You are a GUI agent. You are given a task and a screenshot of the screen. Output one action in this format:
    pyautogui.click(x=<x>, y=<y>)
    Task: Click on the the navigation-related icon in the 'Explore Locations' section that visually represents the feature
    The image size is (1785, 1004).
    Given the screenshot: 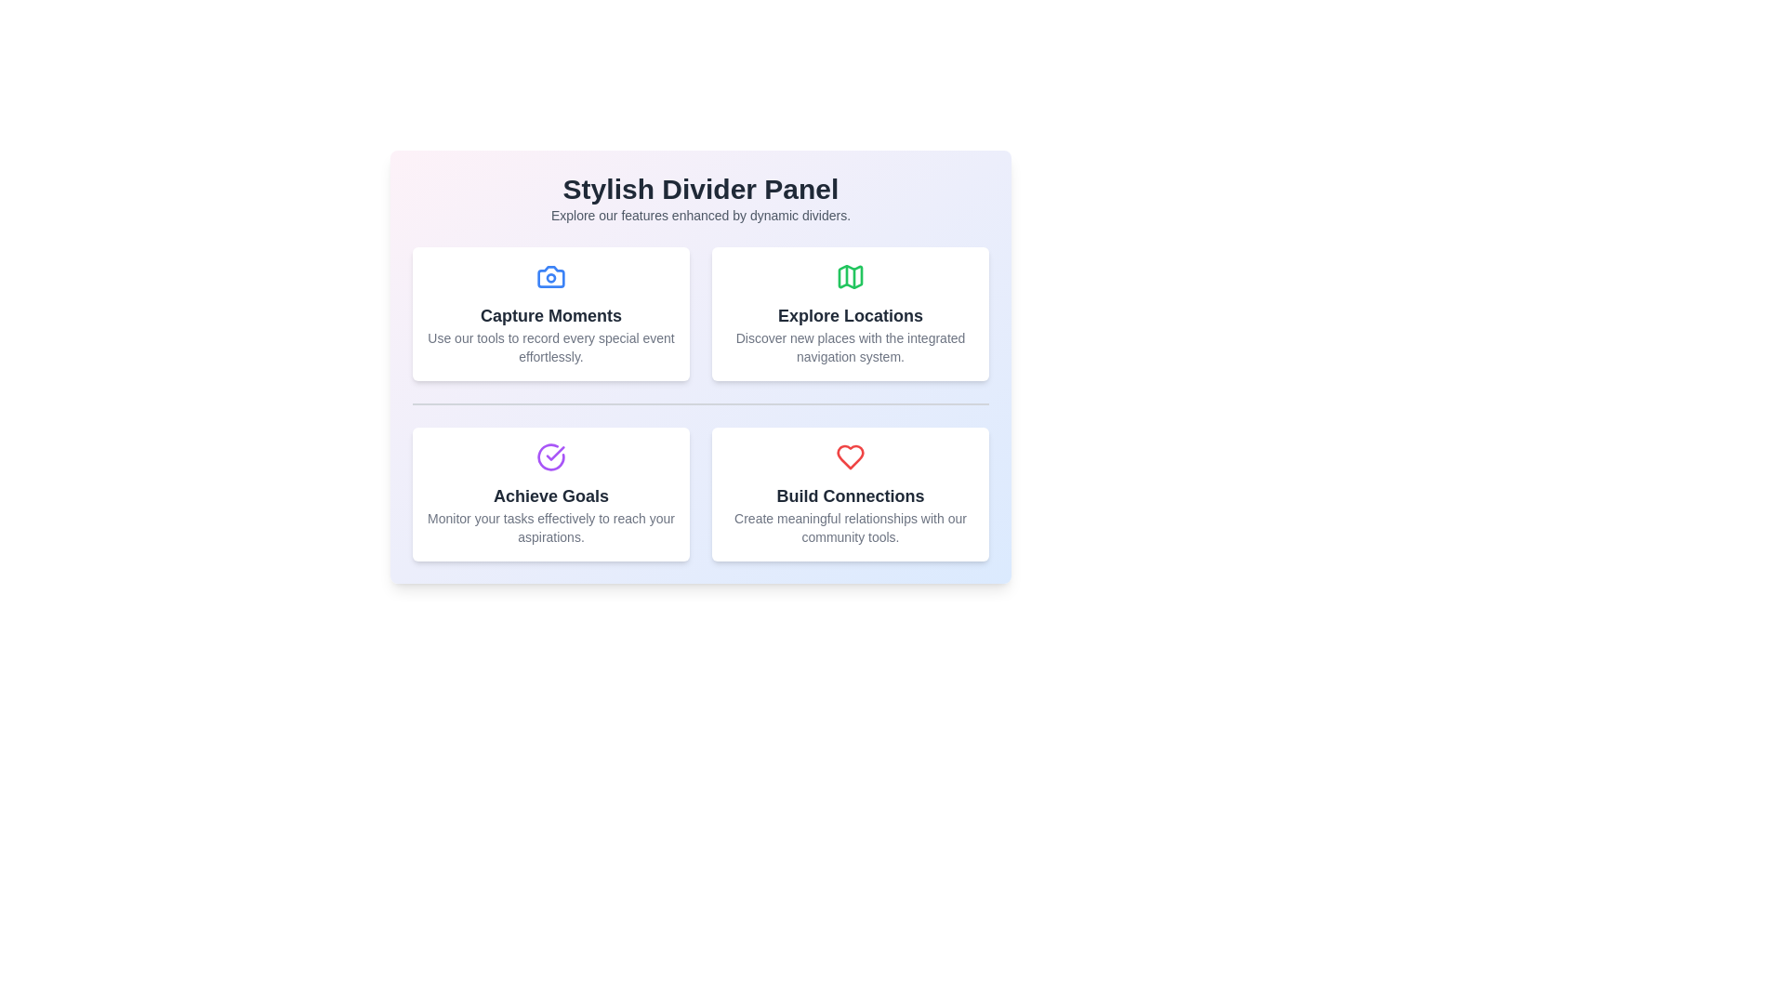 What is the action you would take?
    pyautogui.click(x=850, y=276)
    